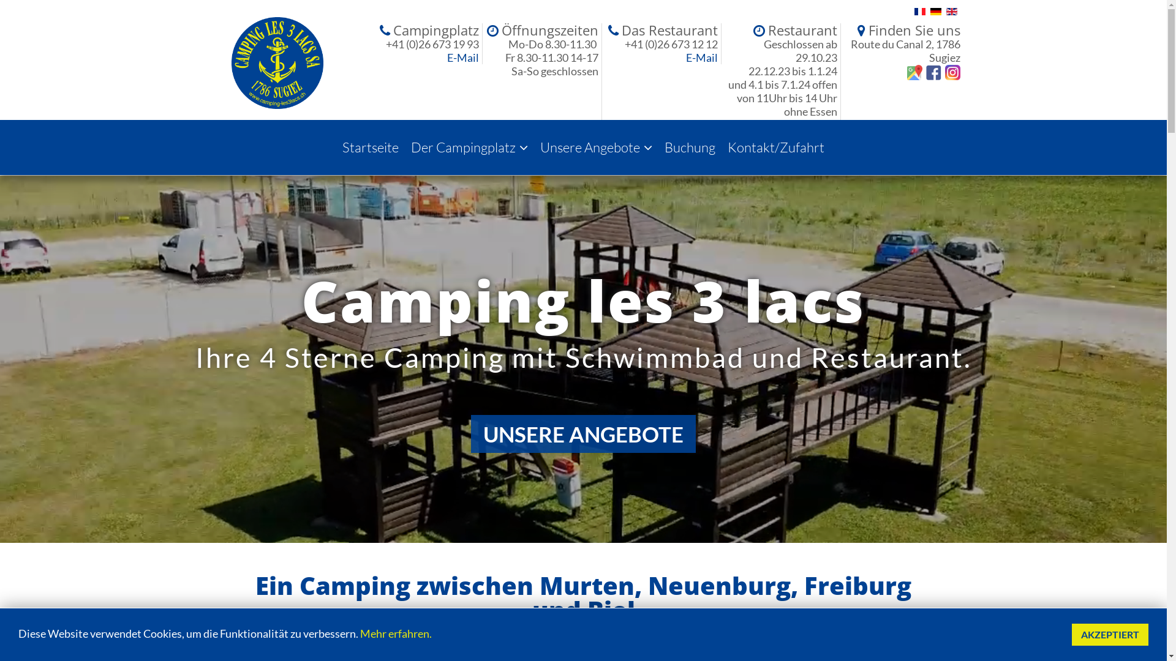  I want to click on 'German', so click(934, 12).